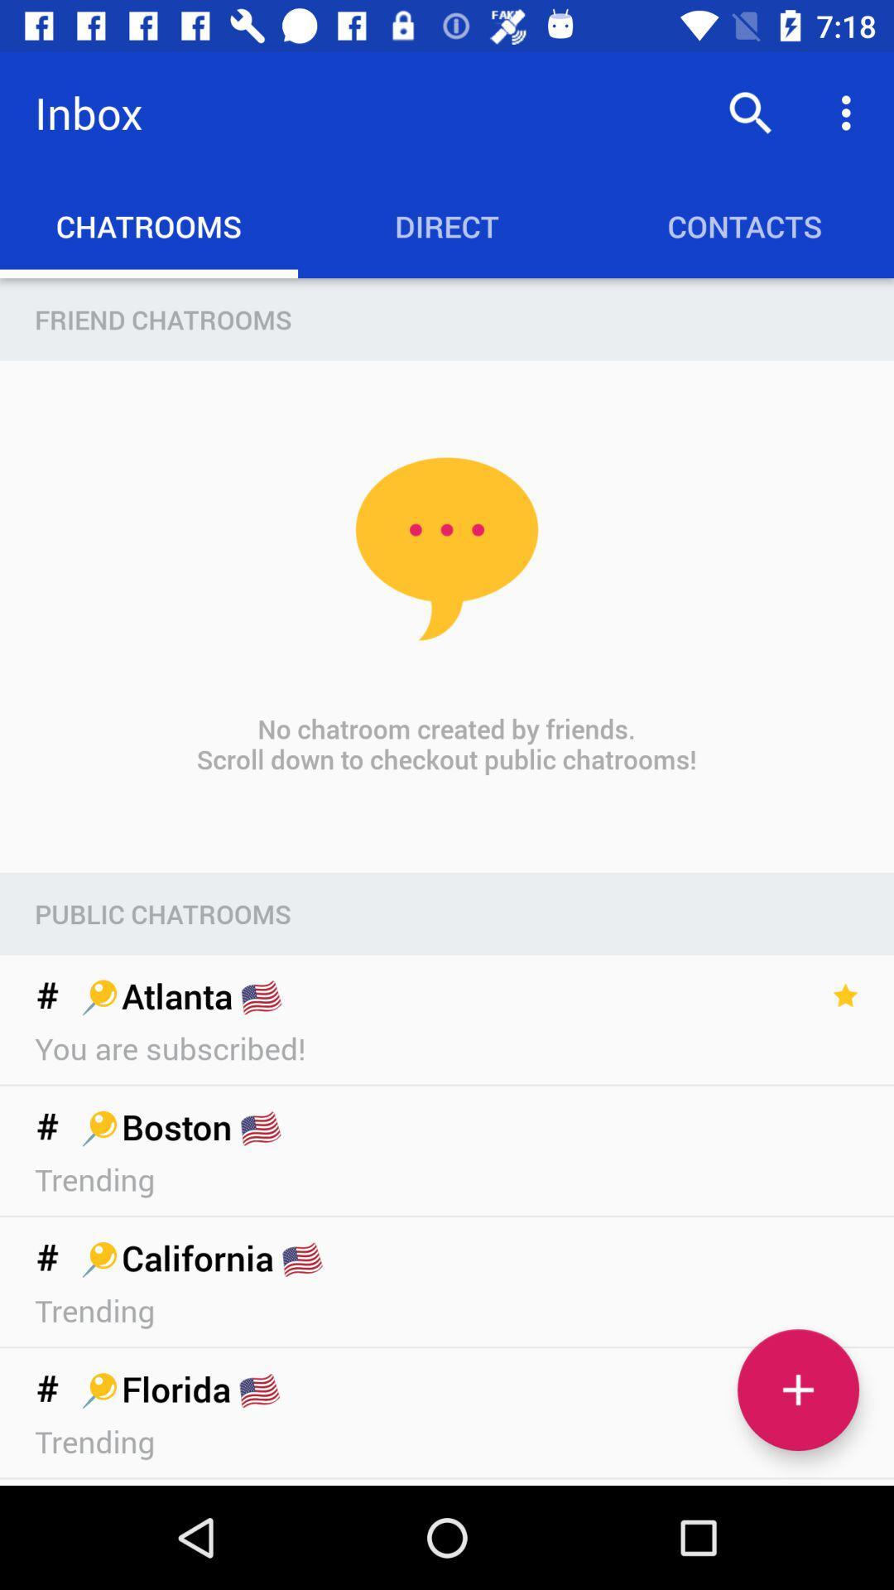 This screenshot has height=1590, width=894. I want to click on open chatroom, so click(797, 1390).